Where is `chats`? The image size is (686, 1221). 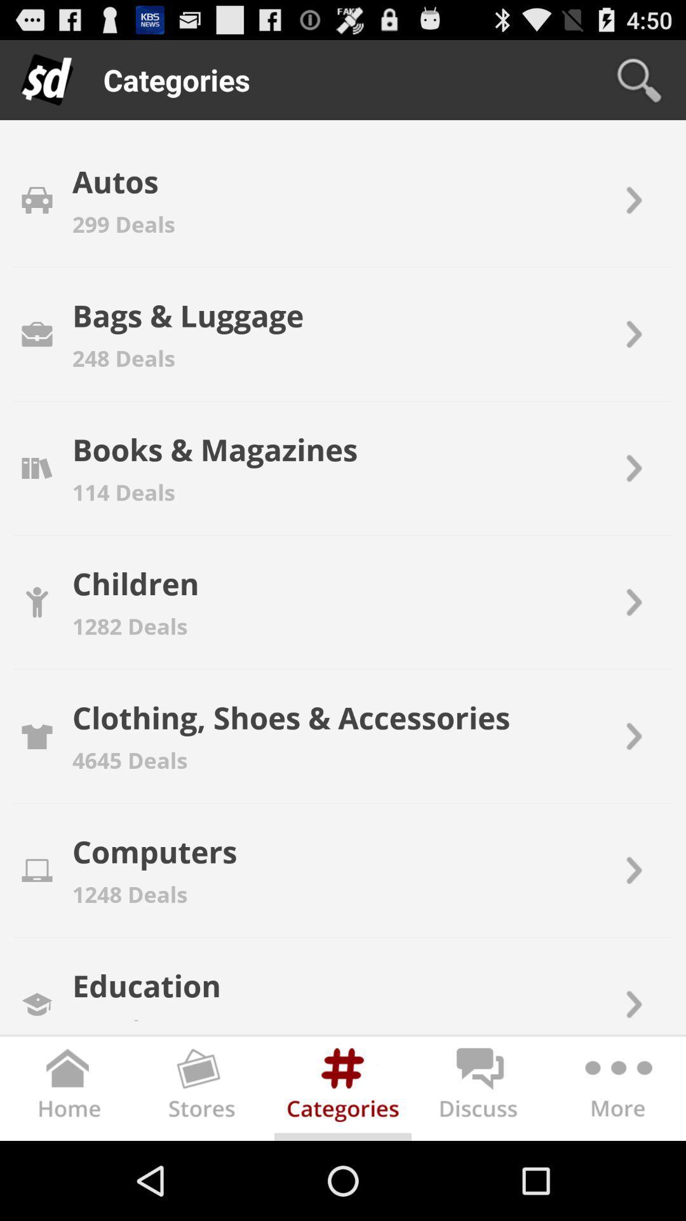 chats is located at coordinates (480, 1091).